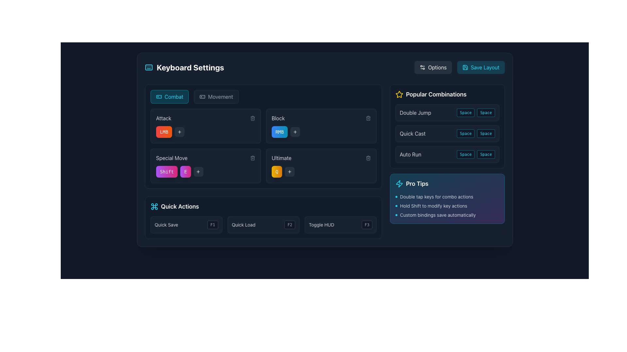  Describe the element at coordinates (171, 158) in the screenshot. I see `the 'Special Move' text label located in the 'Keyboard Settings' section, which is positioned above the key binding indicators for 'Shift' and 'E'` at that location.